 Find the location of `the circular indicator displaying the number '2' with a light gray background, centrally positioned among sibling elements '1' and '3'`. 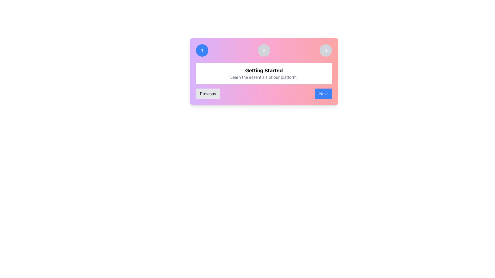

the circular indicator displaying the number '2' with a light gray background, centrally positioned among sibling elements '1' and '3' is located at coordinates (264, 50).